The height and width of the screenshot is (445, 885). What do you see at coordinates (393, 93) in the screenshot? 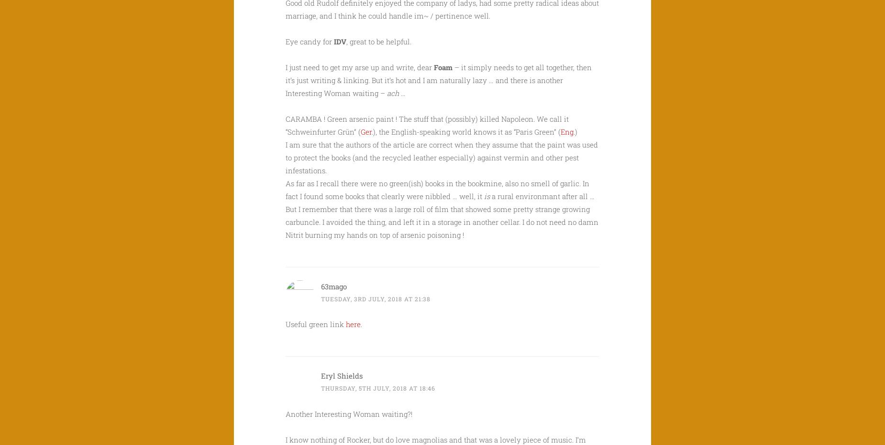
I see `'ach'` at bounding box center [393, 93].